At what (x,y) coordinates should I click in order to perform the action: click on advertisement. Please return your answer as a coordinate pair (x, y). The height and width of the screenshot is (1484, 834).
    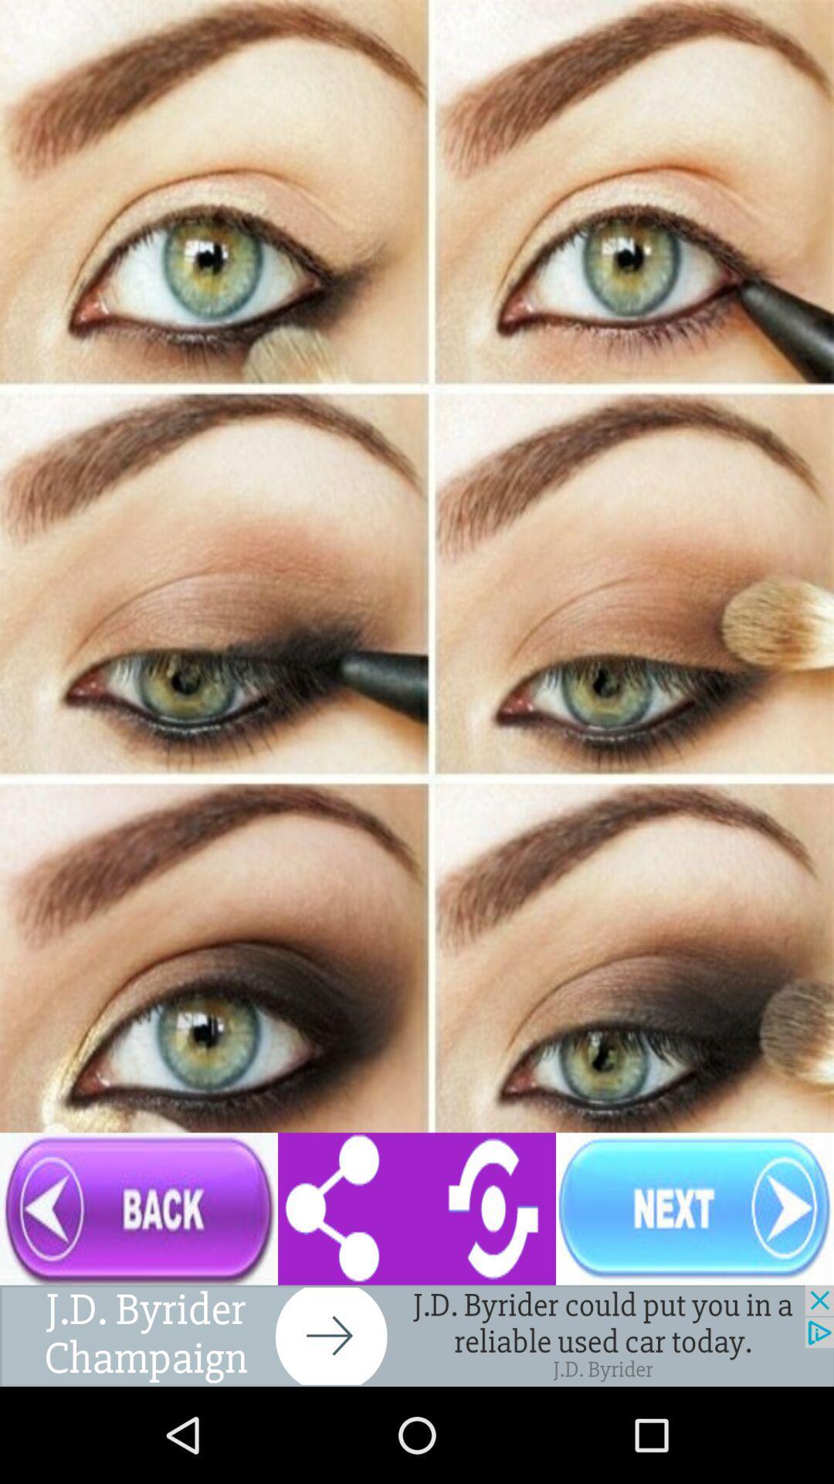
    Looking at the image, I should click on (417, 1335).